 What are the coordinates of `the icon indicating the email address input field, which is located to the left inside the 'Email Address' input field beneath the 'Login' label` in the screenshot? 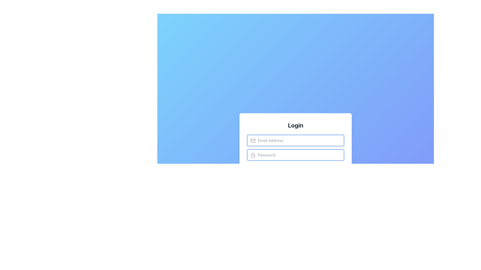 It's located at (253, 141).